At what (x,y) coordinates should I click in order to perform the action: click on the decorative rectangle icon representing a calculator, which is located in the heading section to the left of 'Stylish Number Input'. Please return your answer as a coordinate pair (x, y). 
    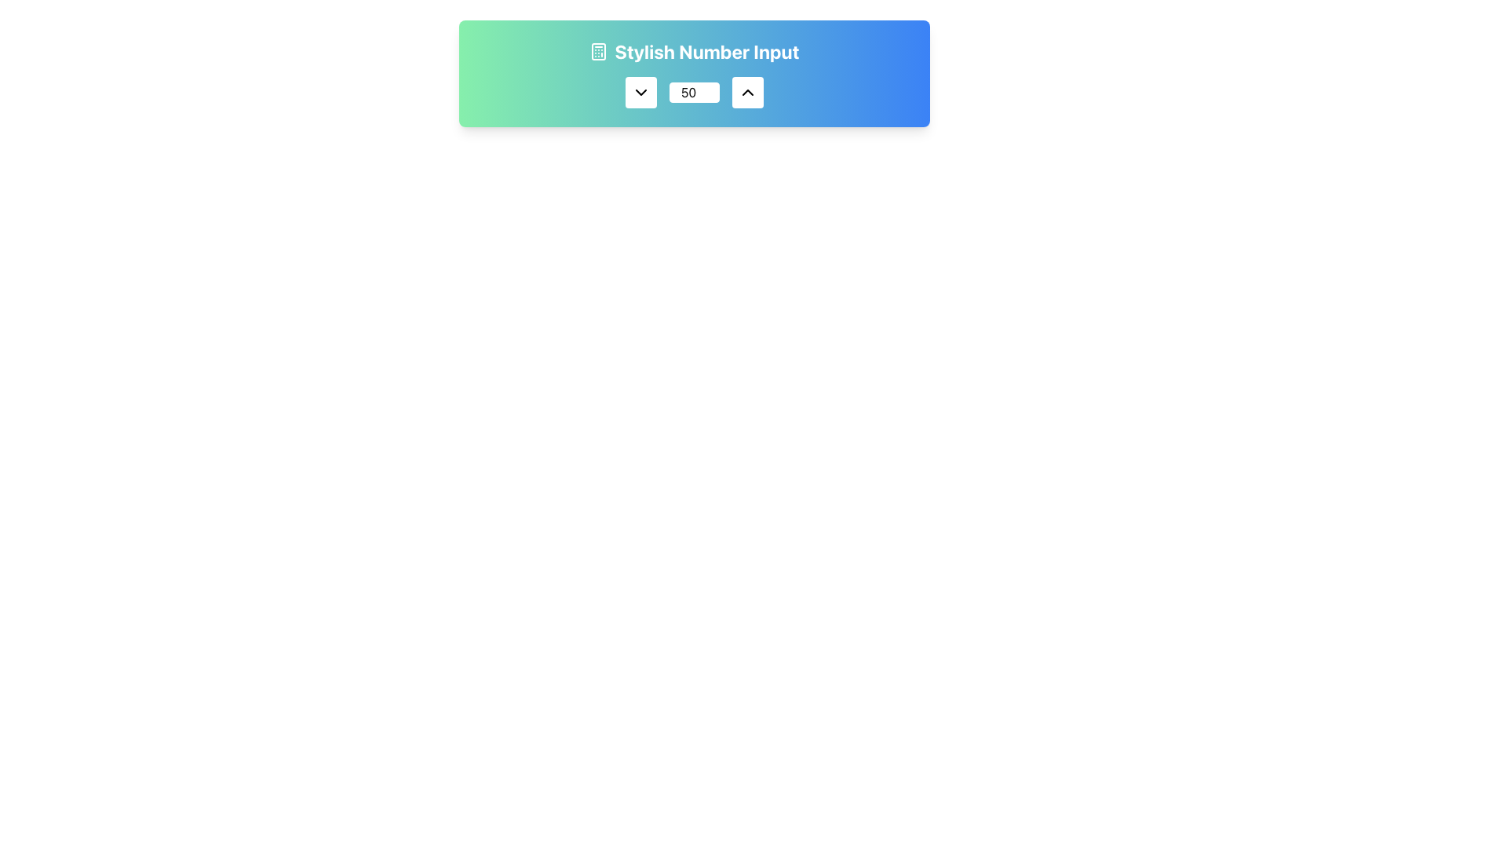
    Looking at the image, I should click on (598, 50).